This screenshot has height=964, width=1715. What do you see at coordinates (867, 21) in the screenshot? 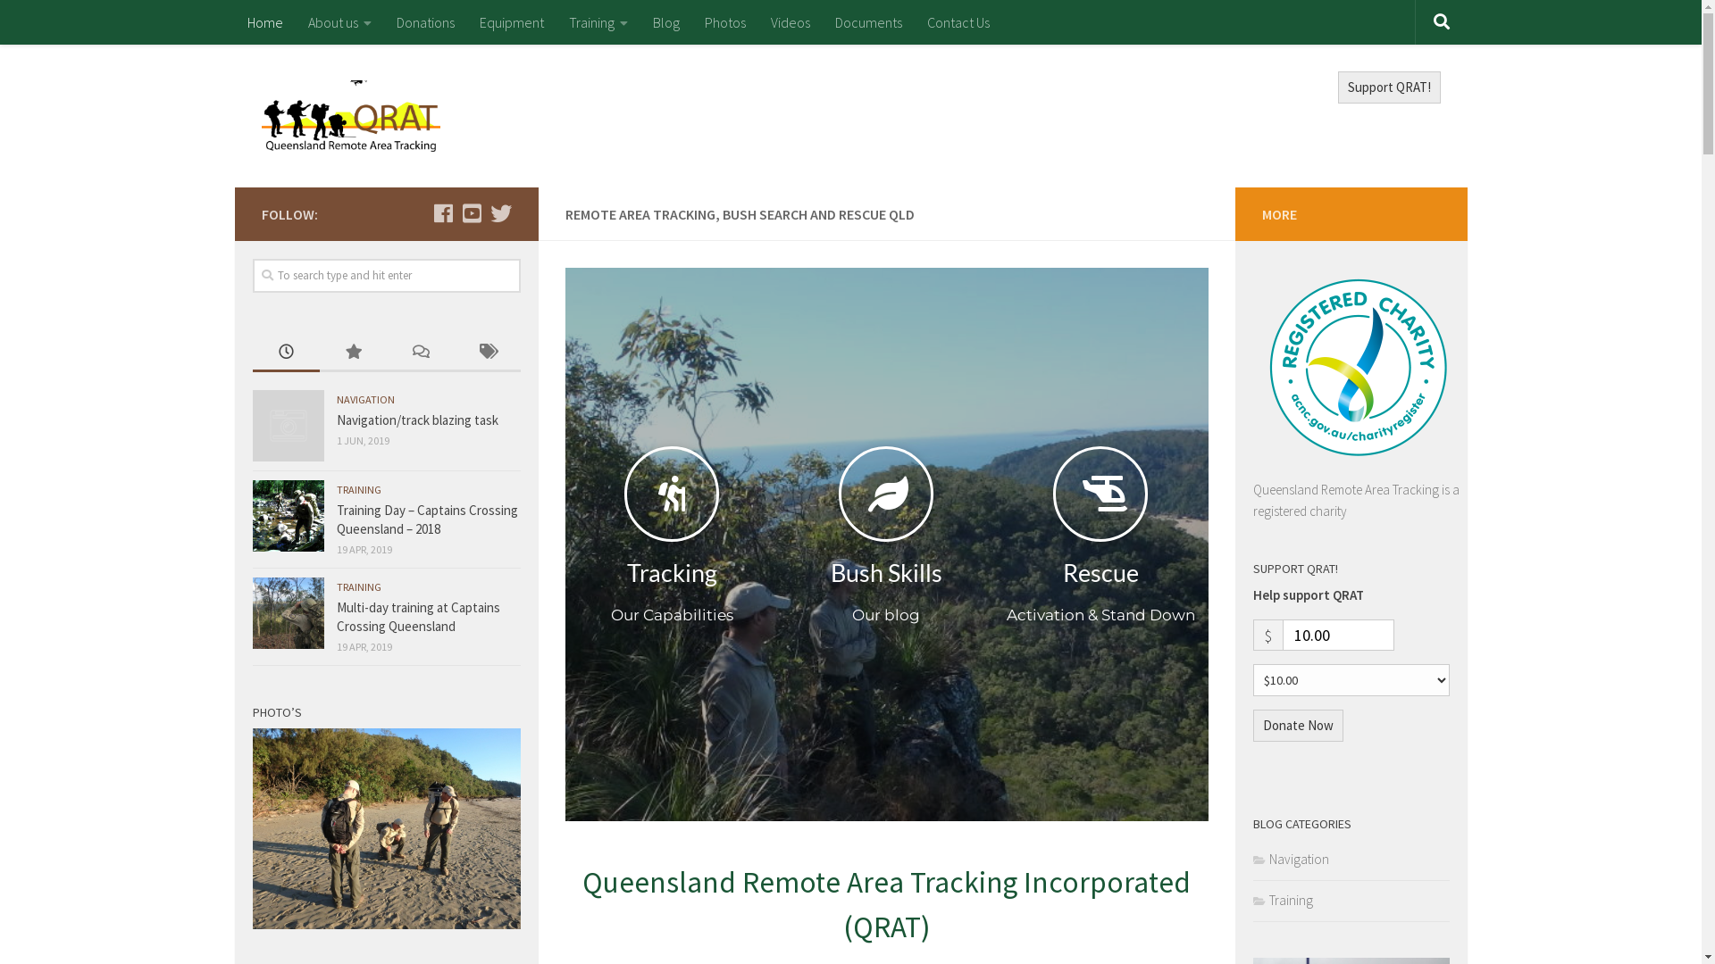
I see `'Documents'` at bounding box center [867, 21].